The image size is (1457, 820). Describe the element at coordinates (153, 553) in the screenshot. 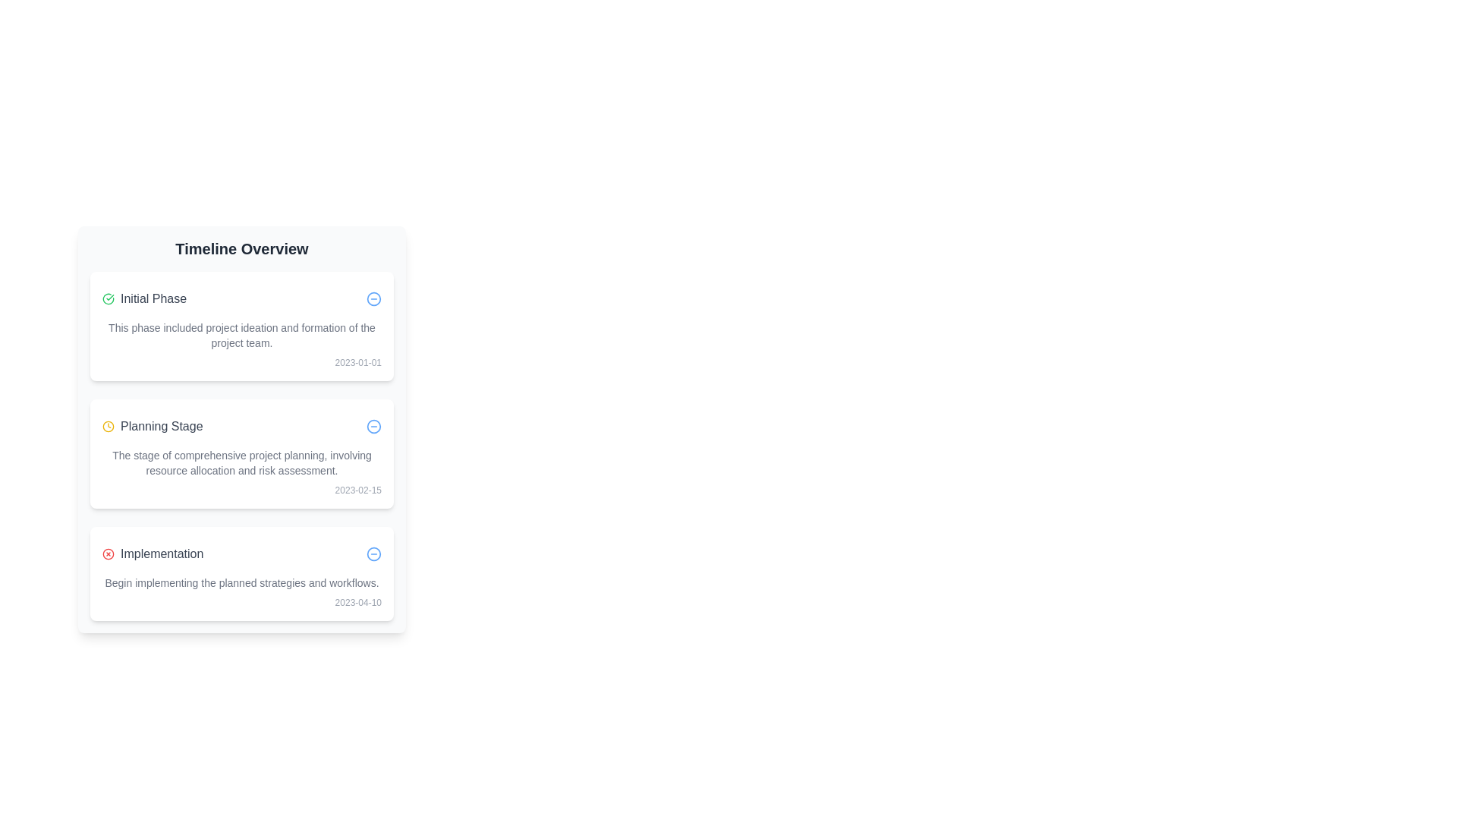

I see `the red circular icon with an 'X' symbol and the text 'Implementation' located in the bottom section of the vertical timeline layout, which is the third item in the sequence of labeled stages` at that location.